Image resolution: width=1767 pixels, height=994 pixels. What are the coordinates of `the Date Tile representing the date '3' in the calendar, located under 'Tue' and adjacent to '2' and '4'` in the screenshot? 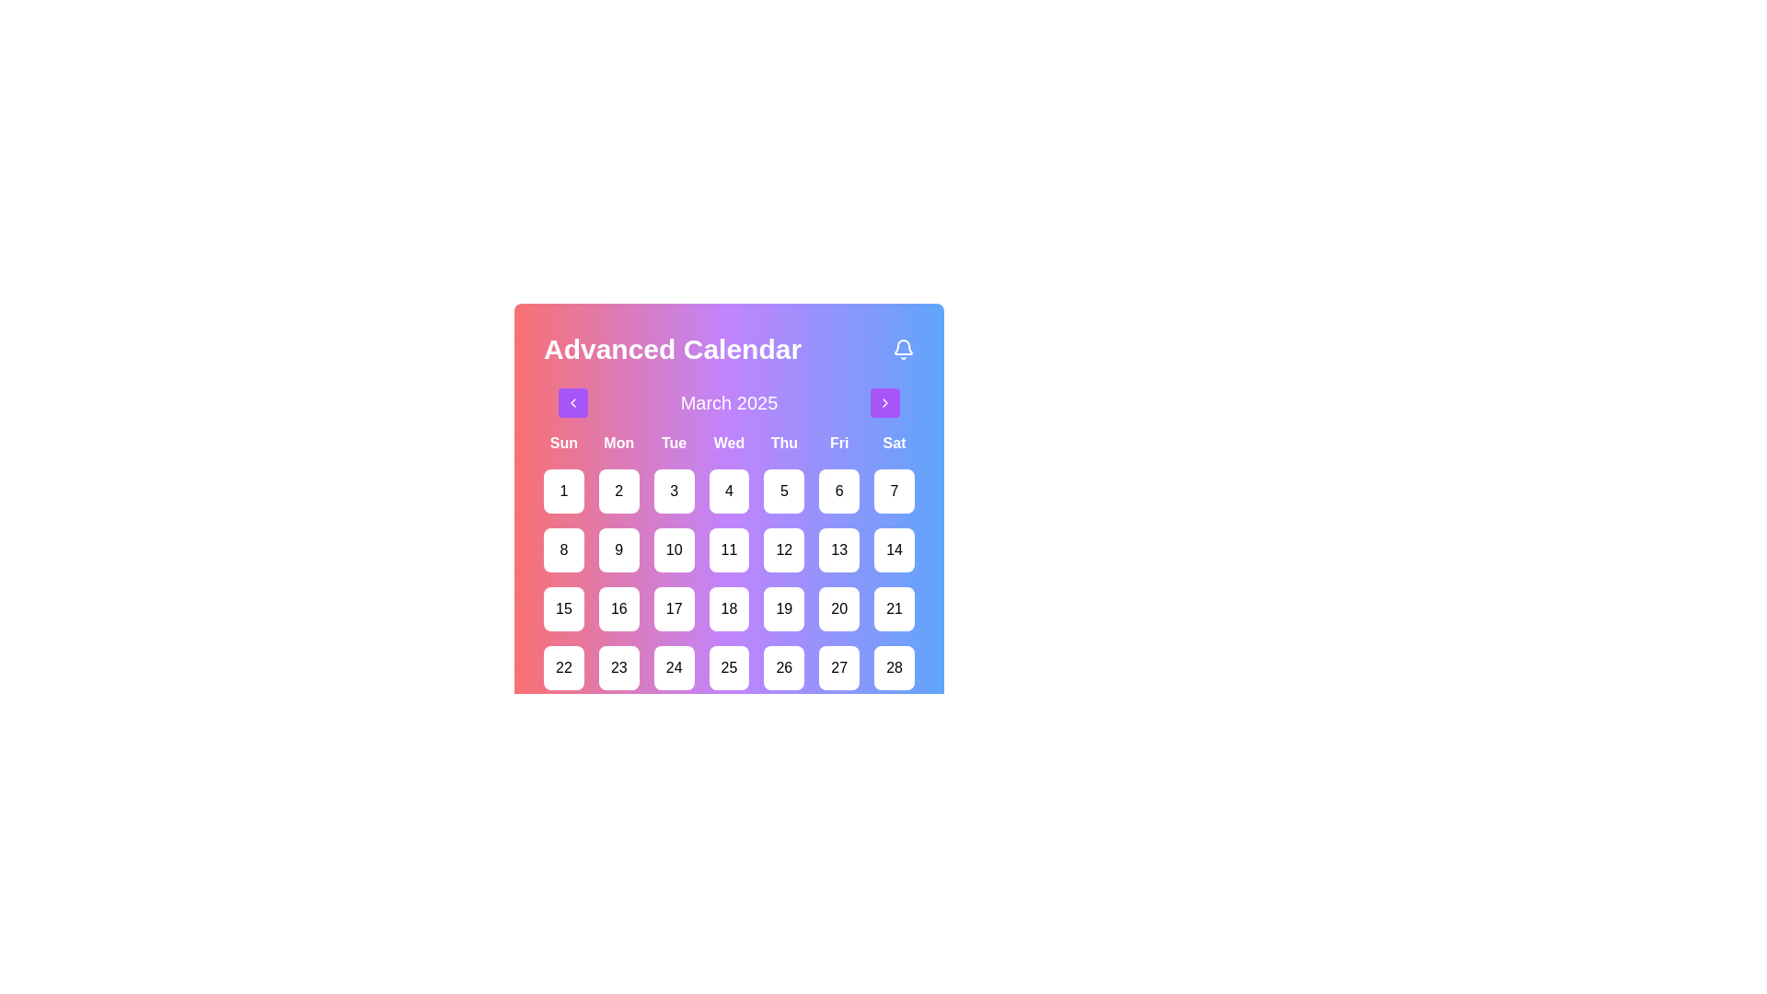 It's located at (673, 490).